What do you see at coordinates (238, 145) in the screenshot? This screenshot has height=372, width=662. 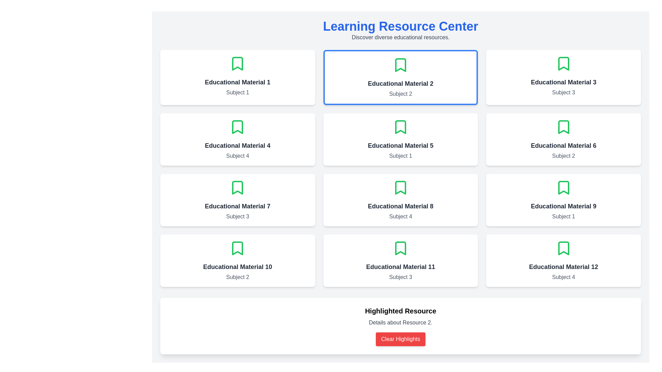 I see `the text displayed` at bounding box center [238, 145].